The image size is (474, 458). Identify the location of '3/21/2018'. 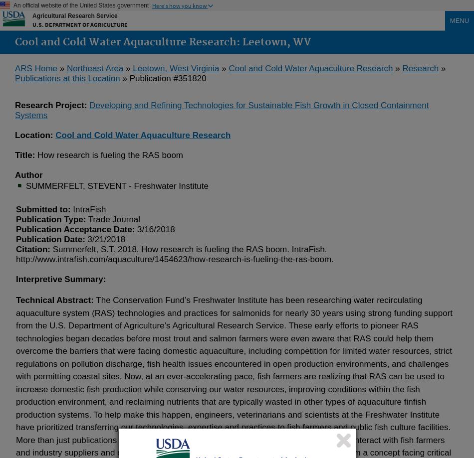
(105, 238).